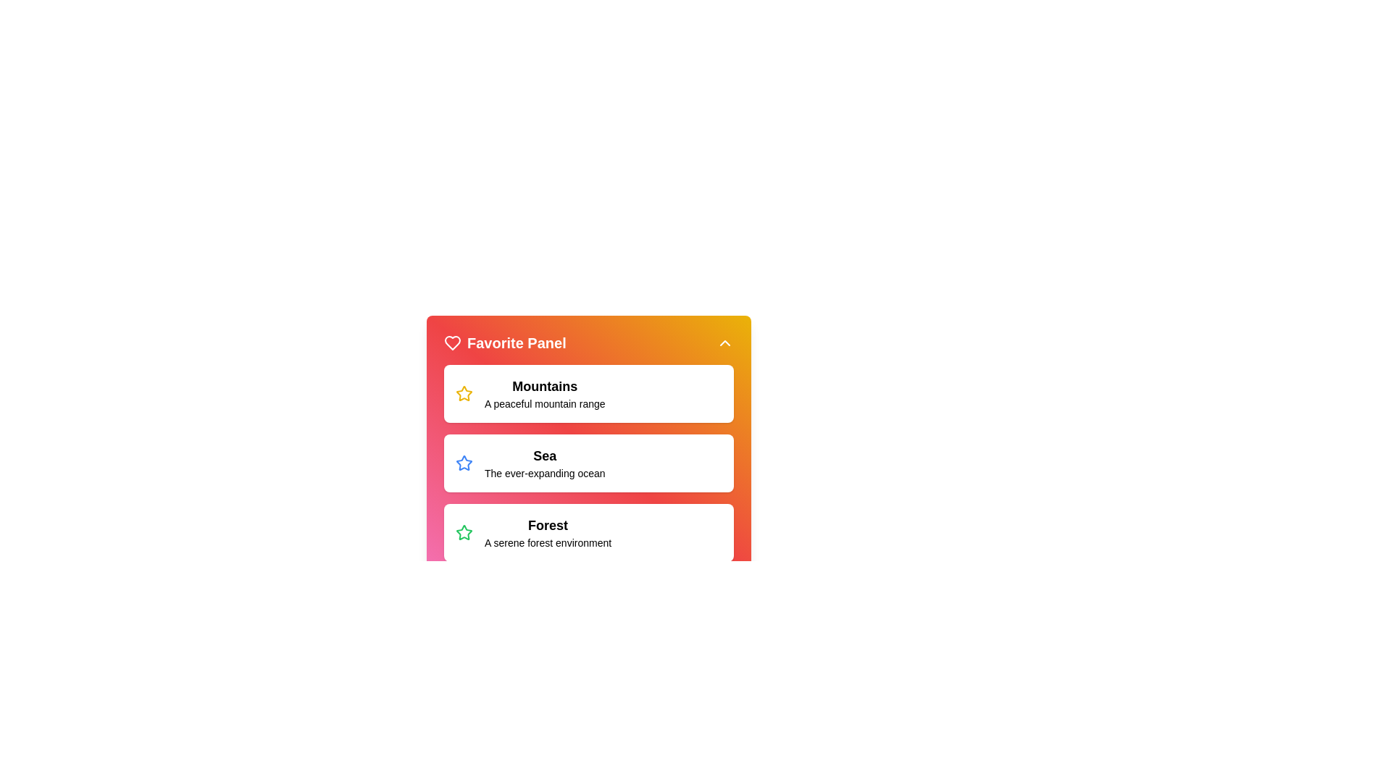  I want to click on the second box displaying information about the 'Sea' category, which is located between the 'Mountains' and 'Forest' boxes, so click(588, 463).